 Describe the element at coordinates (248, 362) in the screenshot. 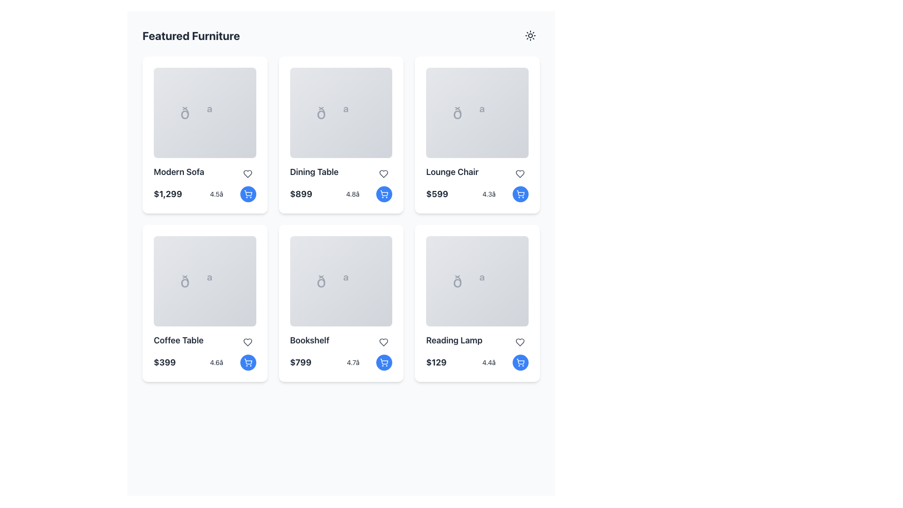

I see `the shopping cart button located at the bottom-right corner of the 'Coffee Table' card` at that location.